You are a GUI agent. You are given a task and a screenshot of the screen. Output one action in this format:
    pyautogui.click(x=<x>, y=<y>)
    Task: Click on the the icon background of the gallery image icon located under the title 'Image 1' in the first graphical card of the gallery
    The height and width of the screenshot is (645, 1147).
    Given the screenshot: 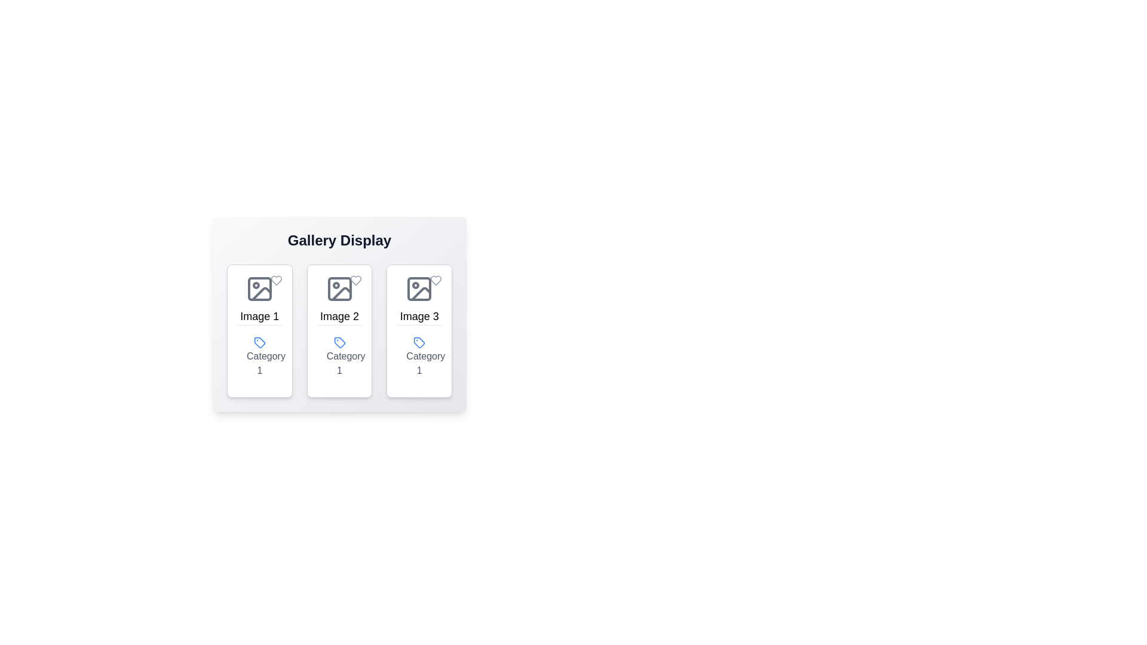 What is the action you would take?
    pyautogui.click(x=259, y=288)
    